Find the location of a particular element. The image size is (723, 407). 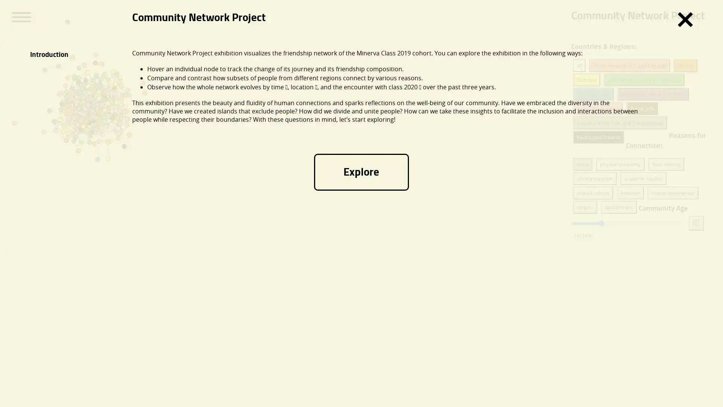

Middle East and North Africa is located at coordinates (653, 93).